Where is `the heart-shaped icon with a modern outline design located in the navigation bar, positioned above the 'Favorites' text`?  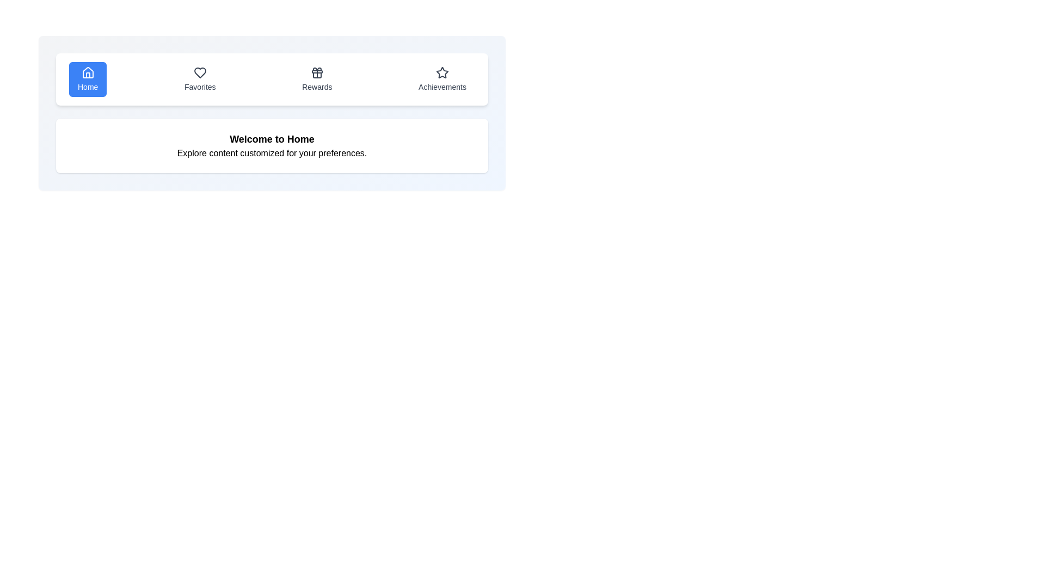 the heart-shaped icon with a modern outline design located in the navigation bar, positioned above the 'Favorites' text is located at coordinates (200, 73).